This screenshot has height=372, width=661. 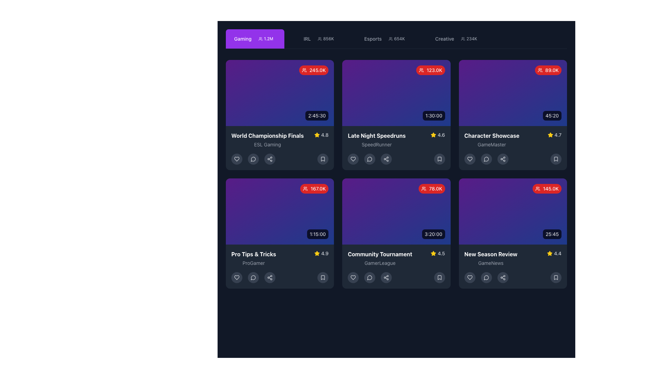 I want to click on the media card in the second row and first column of the grid, so click(x=280, y=233).